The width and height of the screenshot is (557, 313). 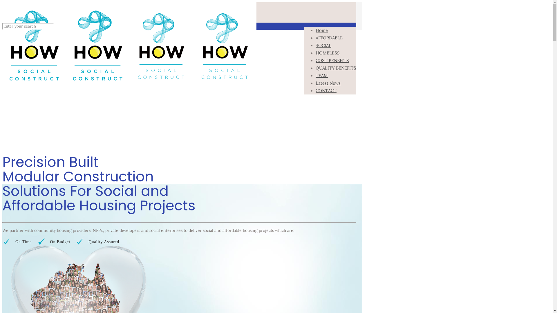 What do you see at coordinates (332, 60) in the screenshot?
I see `'COST BENEFITS'` at bounding box center [332, 60].